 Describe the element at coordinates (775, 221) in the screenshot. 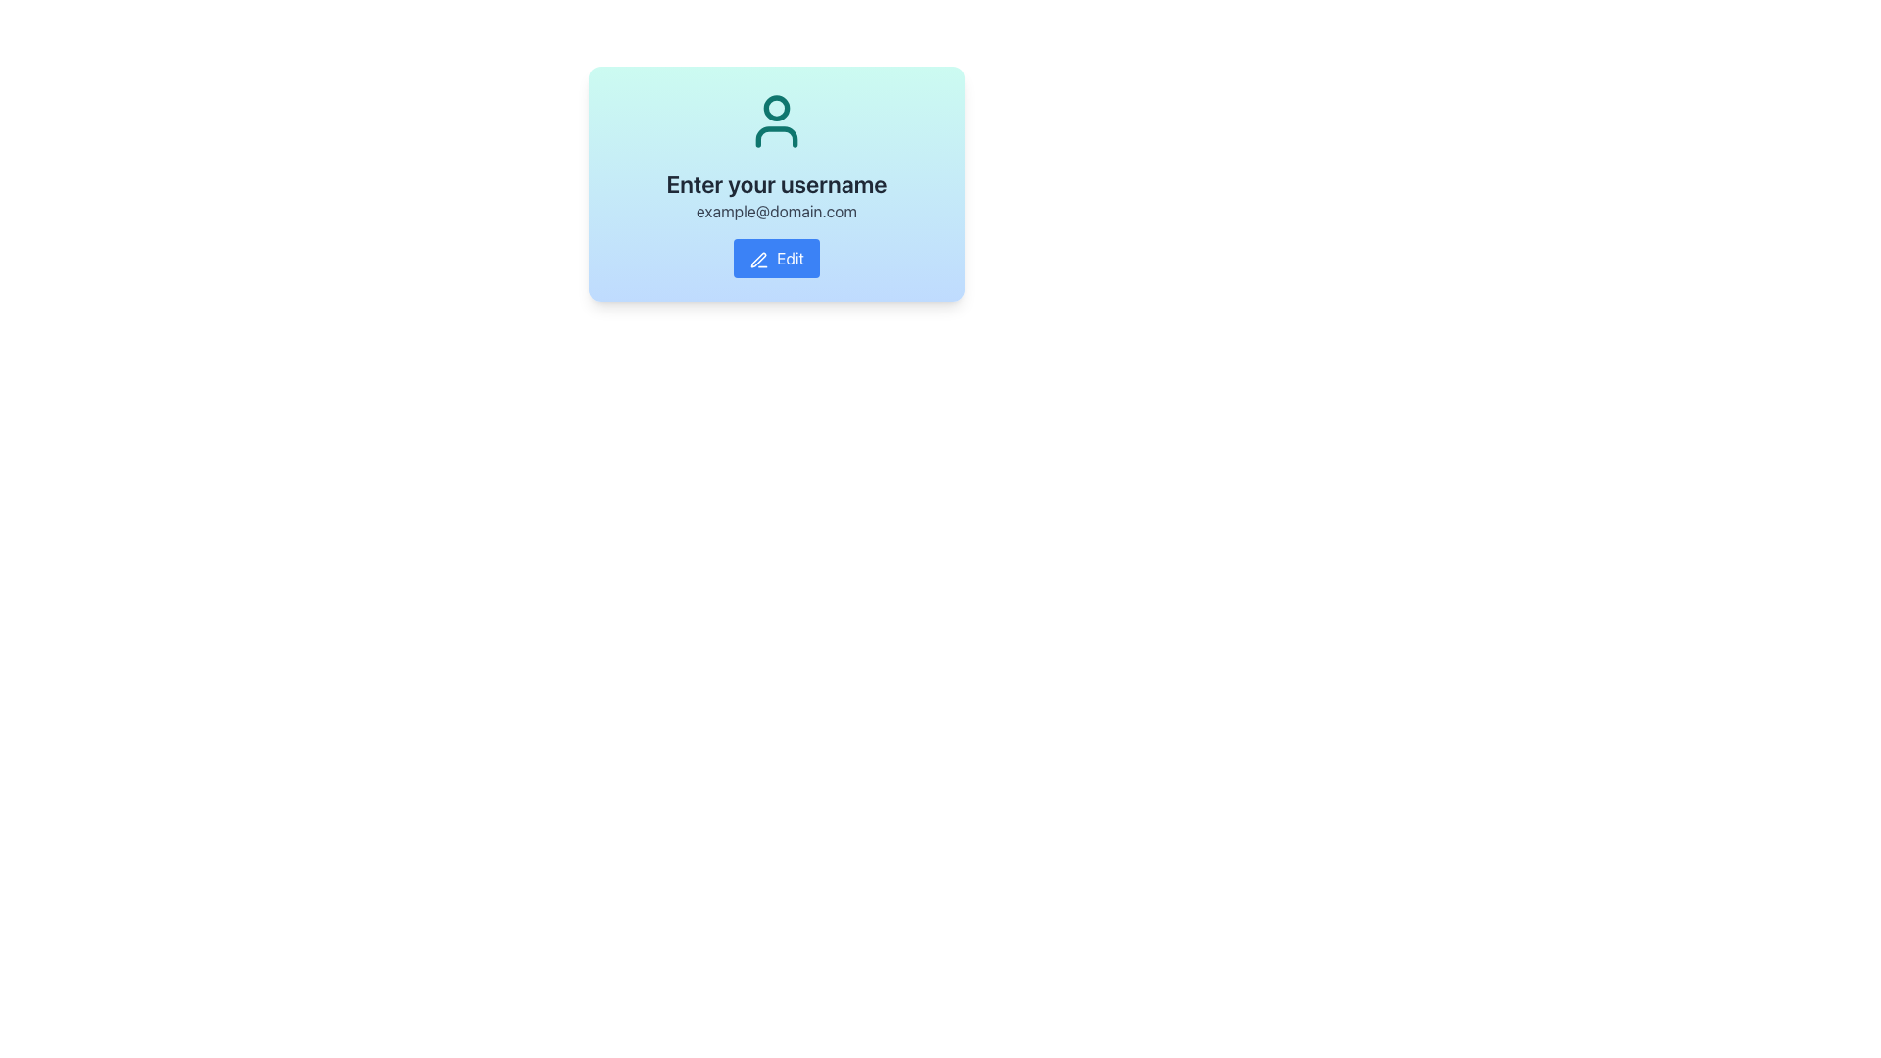

I see `the text display element that shows 'Enter your username' with the placeholder 'example@domain.com' on a light blue gradient background` at that location.